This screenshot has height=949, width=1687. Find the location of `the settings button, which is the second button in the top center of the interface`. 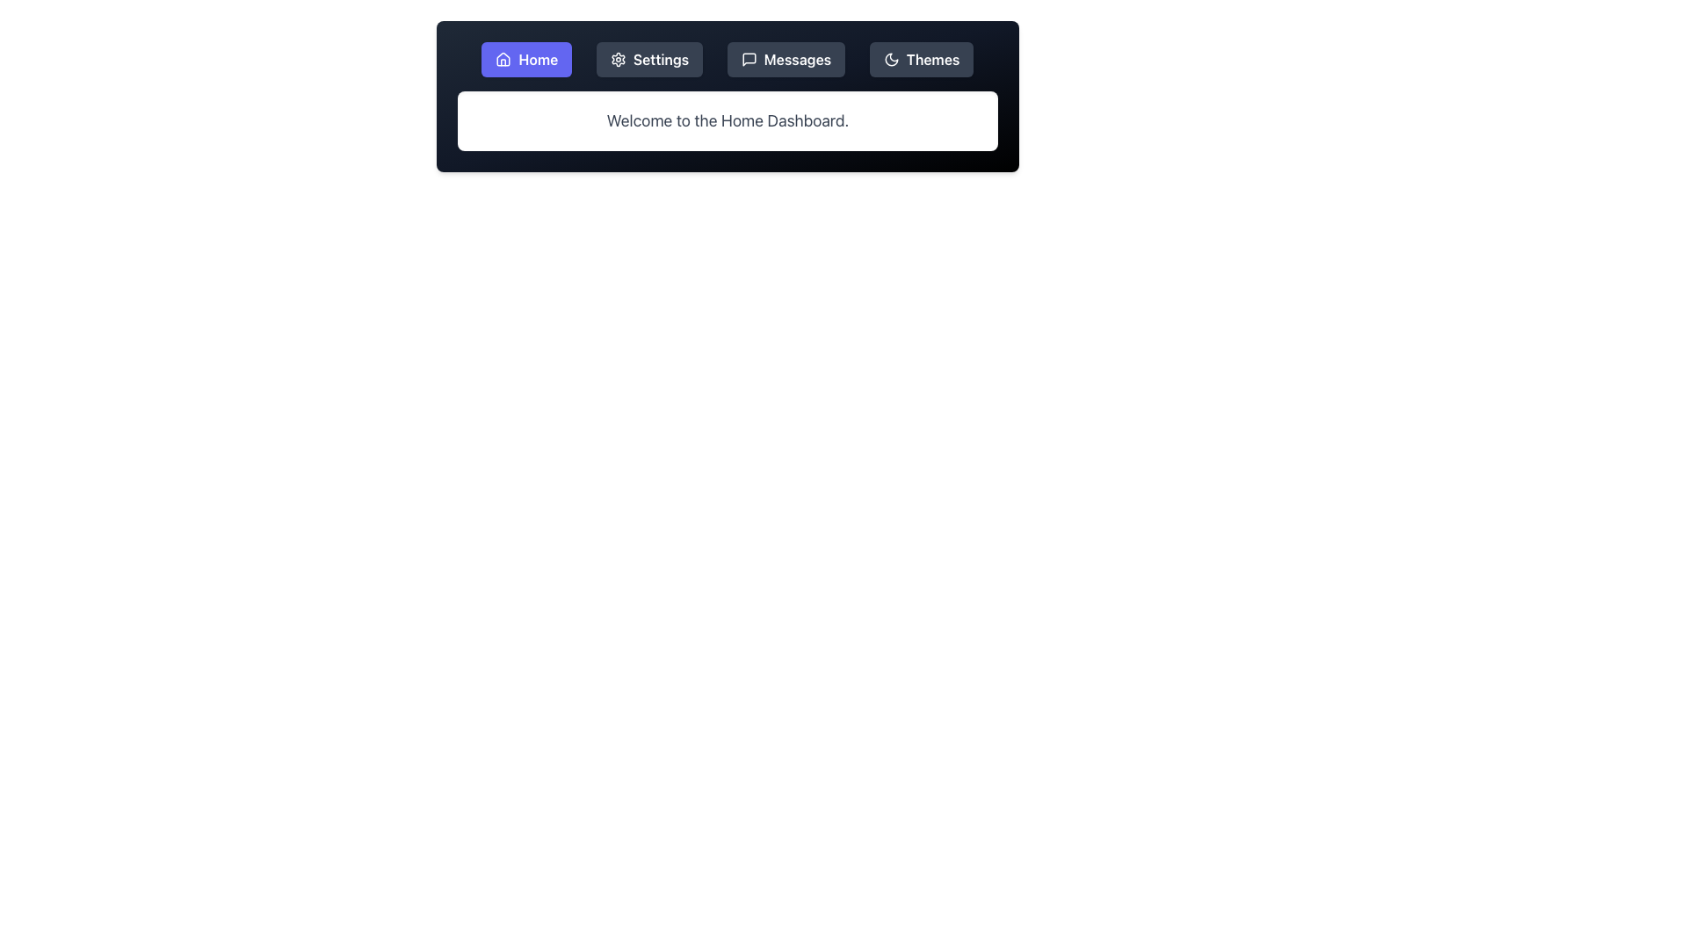

the settings button, which is the second button in the top center of the interface is located at coordinates (648, 59).